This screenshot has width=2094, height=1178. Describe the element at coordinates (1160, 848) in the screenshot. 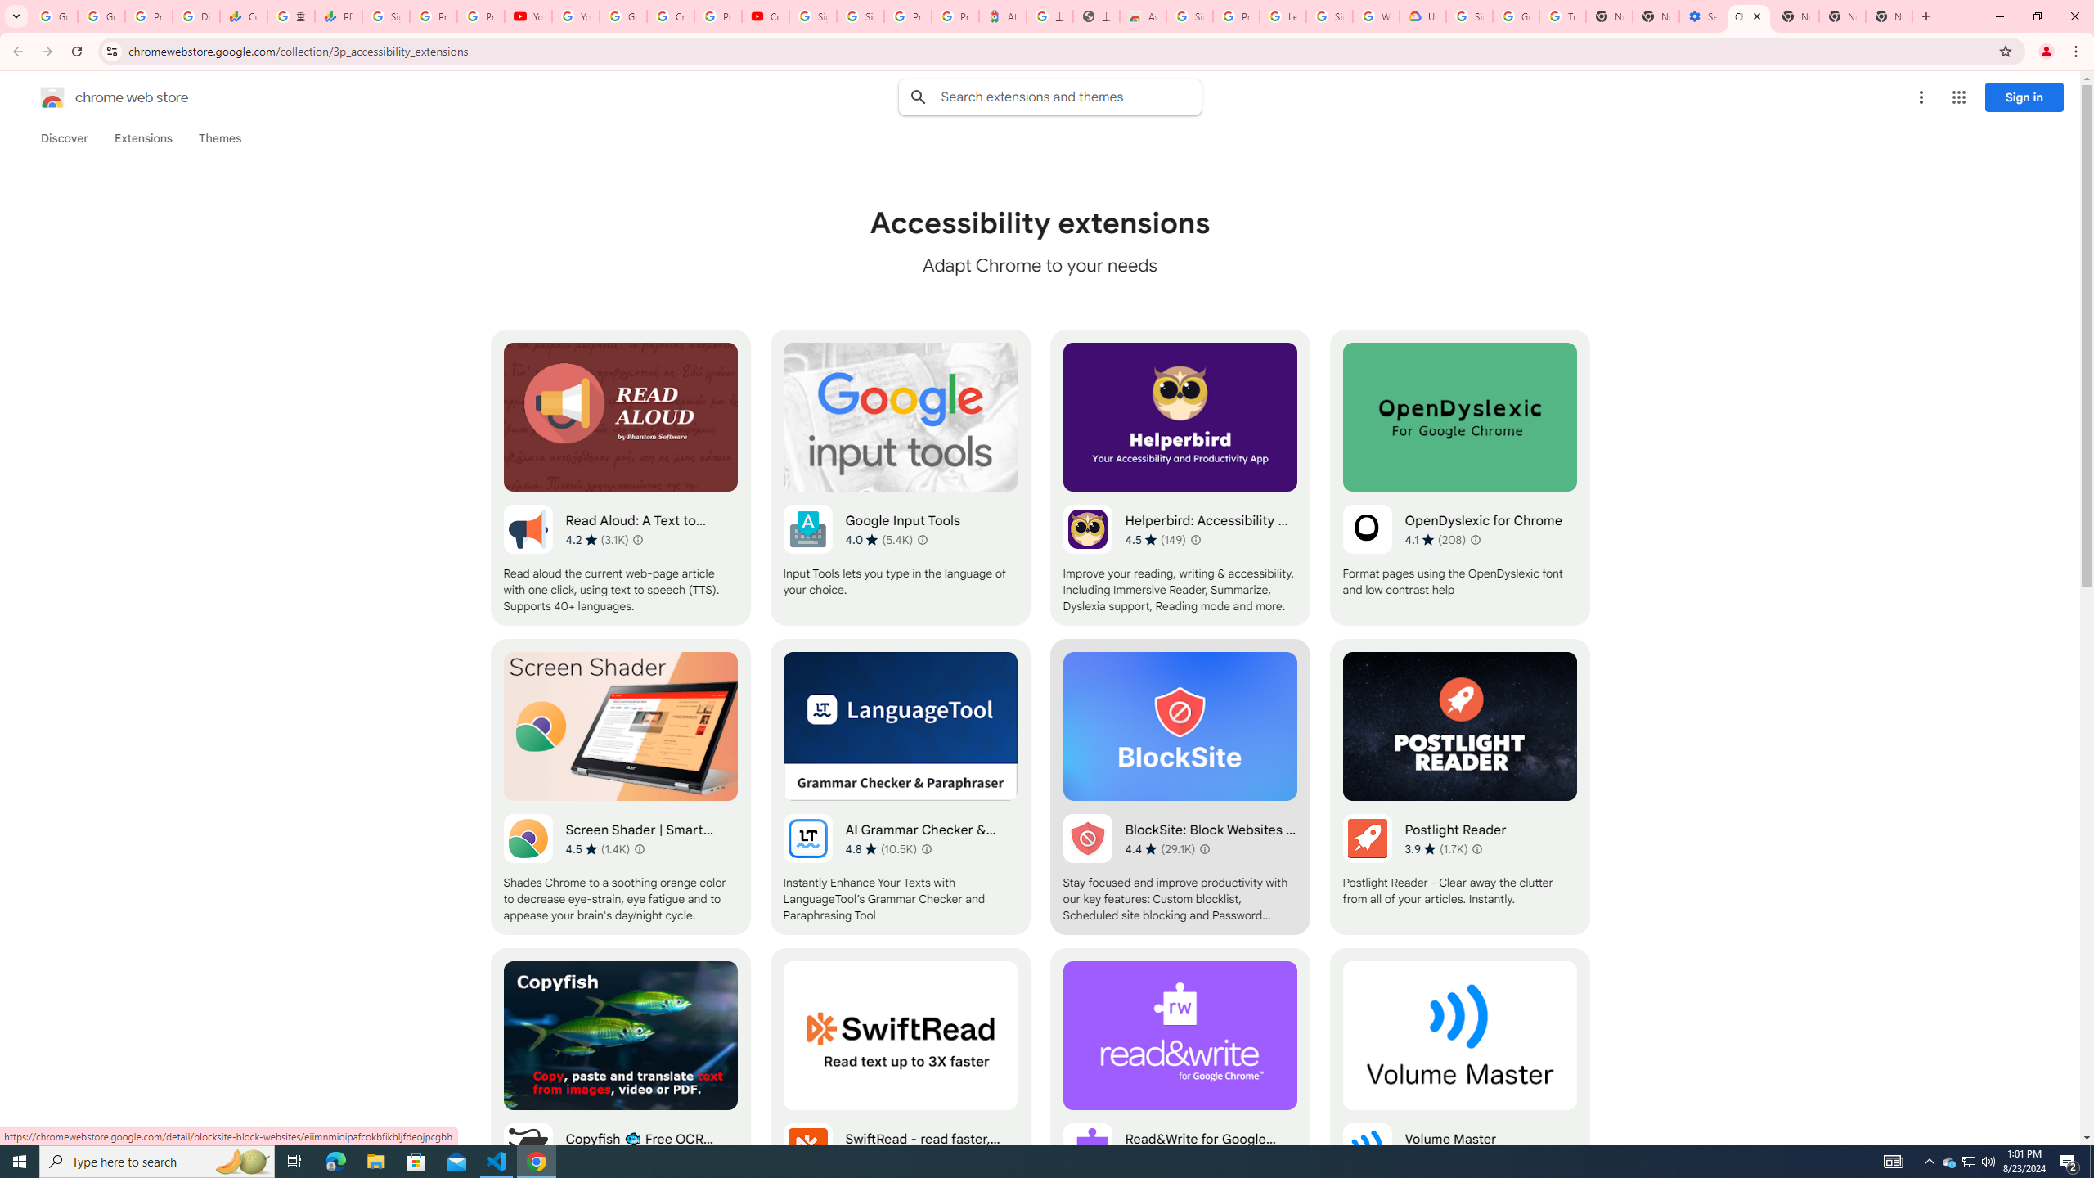

I see `'Average rating 4.4 out of 5 stars. 29.1K ratings.'` at that location.